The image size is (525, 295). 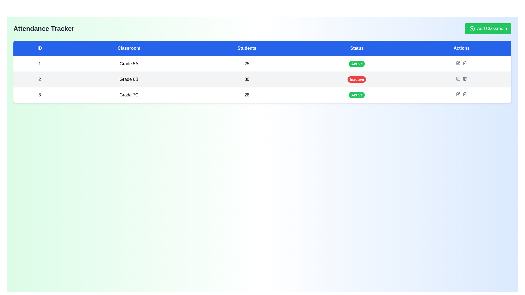 What do you see at coordinates (129, 64) in the screenshot?
I see `the text label displaying 'Grade 5A' which is centered in its cell in the second column of the first row of the table` at bounding box center [129, 64].